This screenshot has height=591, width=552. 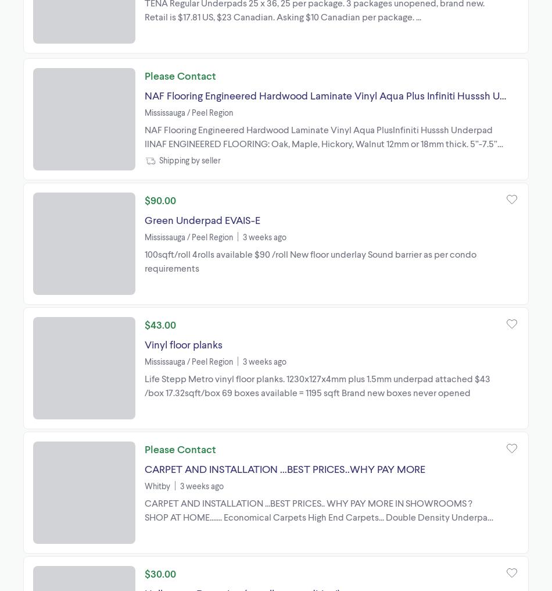 I want to click on 'NAF Flooring Engineered Hardwood Laminate Vinyl Aqua PlusInfiniti Husssh Underpad IINAF ENGINEERED FLOORING: Oak, Maple, Hickory, Walnut 12mm or 18mm thick. 5”-7.5” wide WE GUARANTEE BEST PRICES FOR GRANDEUR, VIDAR, NAF FLOORING AND MANY MORE. NAF, Infiniti 12.3mm, AquaPlus, Aqua Floor, Aqua Tile, Husssh Acoustic', so click(x=144, y=149).